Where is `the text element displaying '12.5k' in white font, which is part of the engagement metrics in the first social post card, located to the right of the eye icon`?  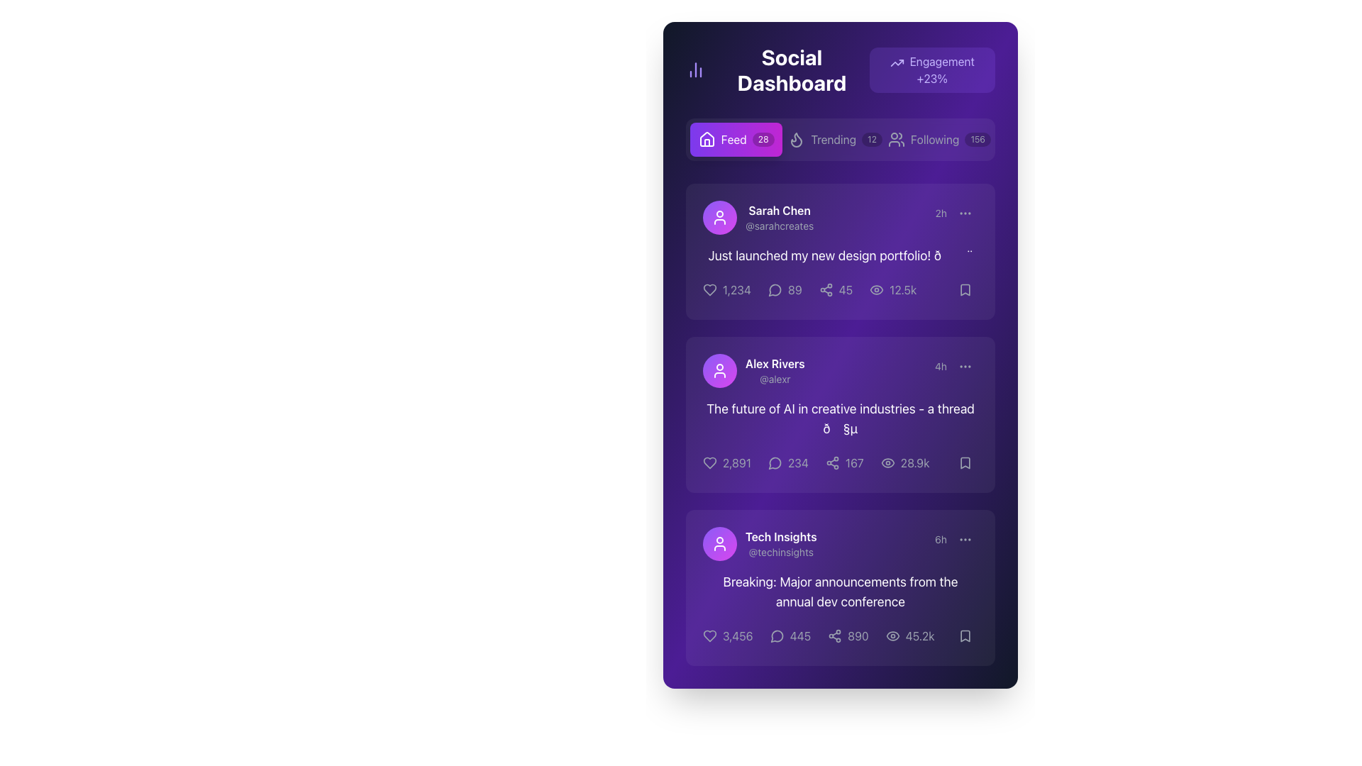
the text element displaying '12.5k' in white font, which is part of the engagement metrics in the first social post card, located to the right of the eye icon is located at coordinates (902, 289).